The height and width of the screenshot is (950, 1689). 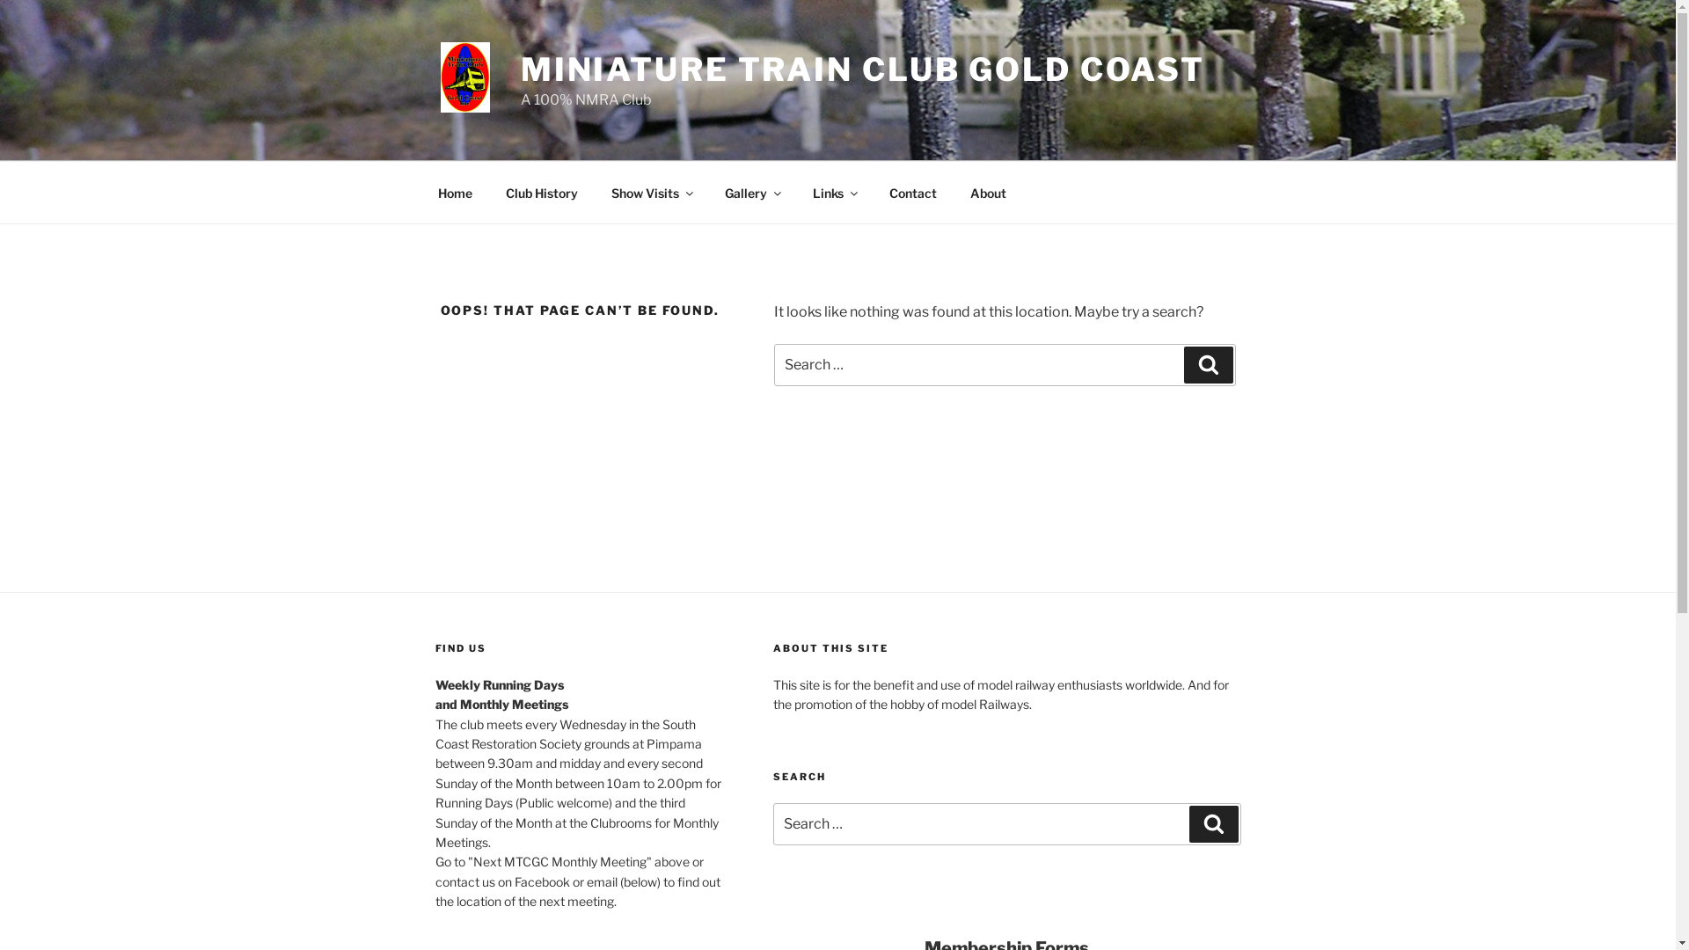 What do you see at coordinates (650, 192) in the screenshot?
I see `'Show Visits'` at bounding box center [650, 192].